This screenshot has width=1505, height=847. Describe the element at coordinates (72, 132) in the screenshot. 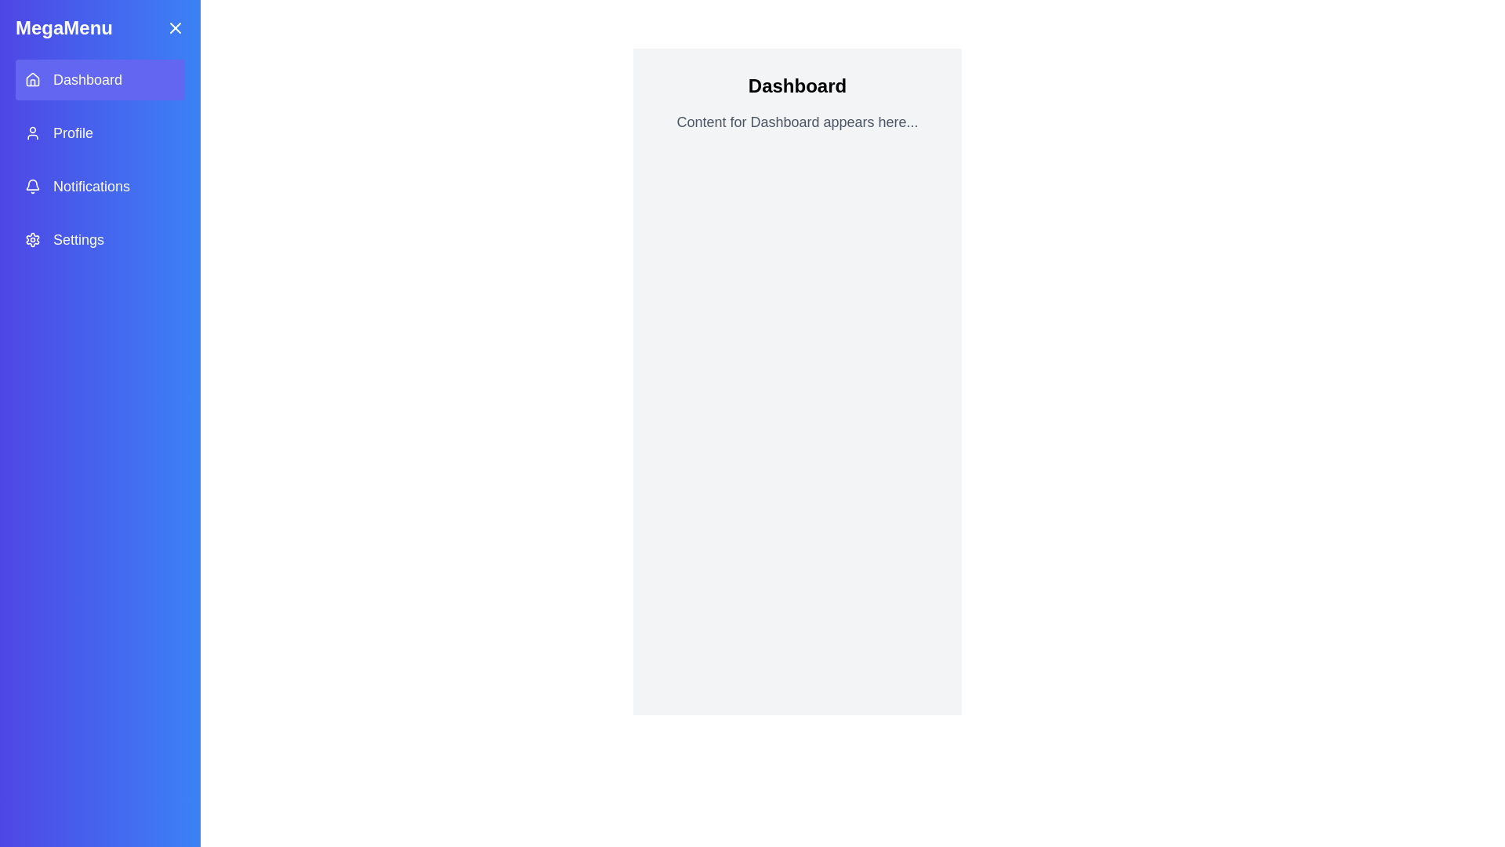

I see `text label 'Profile' which is styled in bold and located in the sidebar menu, right next to the user profile icon` at that location.